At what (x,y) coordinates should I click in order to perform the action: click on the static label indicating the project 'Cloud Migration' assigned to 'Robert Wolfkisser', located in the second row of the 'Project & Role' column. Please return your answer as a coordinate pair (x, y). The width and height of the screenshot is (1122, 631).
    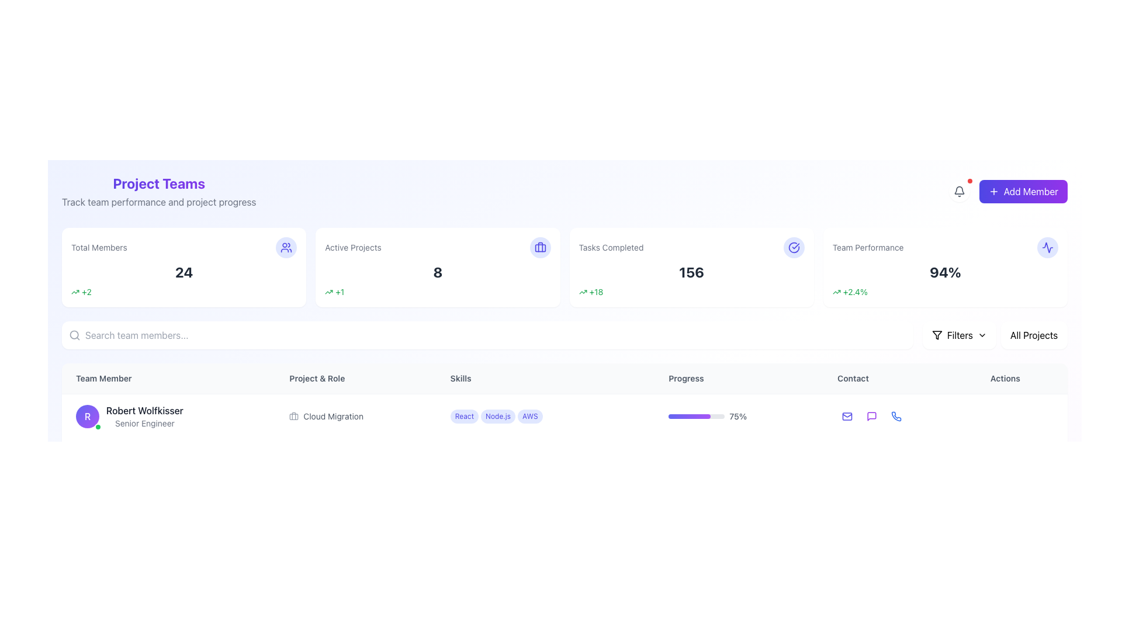
    Looking at the image, I should click on (355, 416).